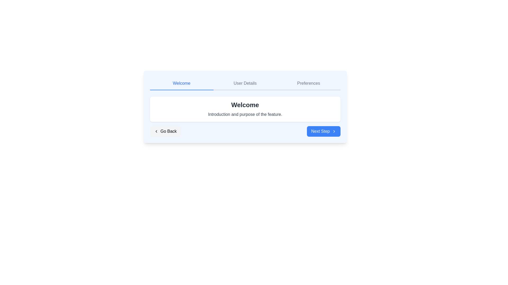 The width and height of the screenshot is (508, 285). I want to click on the chevron SVG icon located inside the 'Go Back' button at the bottom left of the panel, which indicates navigation to a previous step, so click(156, 131).